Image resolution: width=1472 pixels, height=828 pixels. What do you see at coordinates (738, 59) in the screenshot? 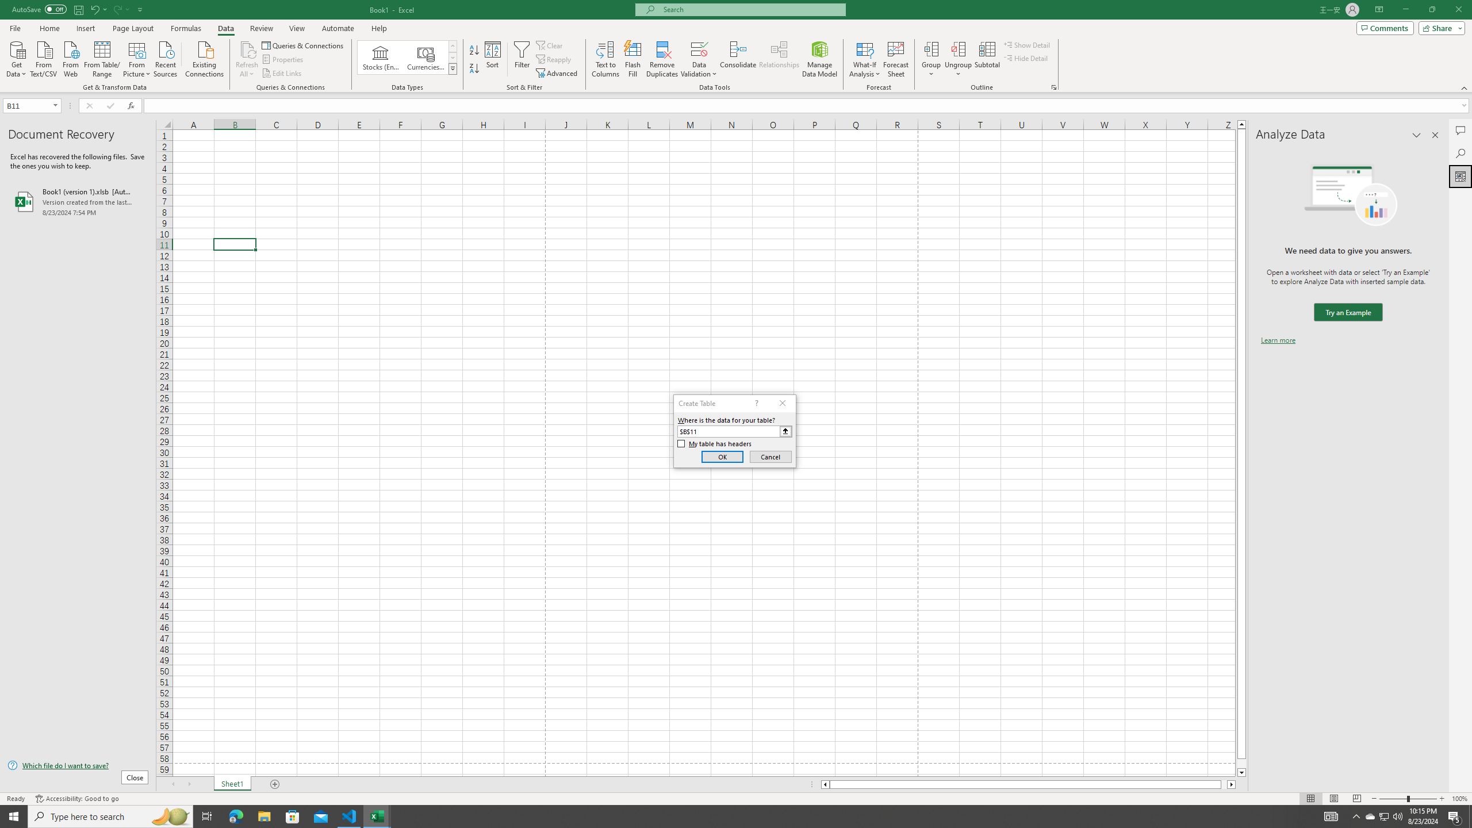
I see `'Consolidate...'` at bounding box center [738, 59].